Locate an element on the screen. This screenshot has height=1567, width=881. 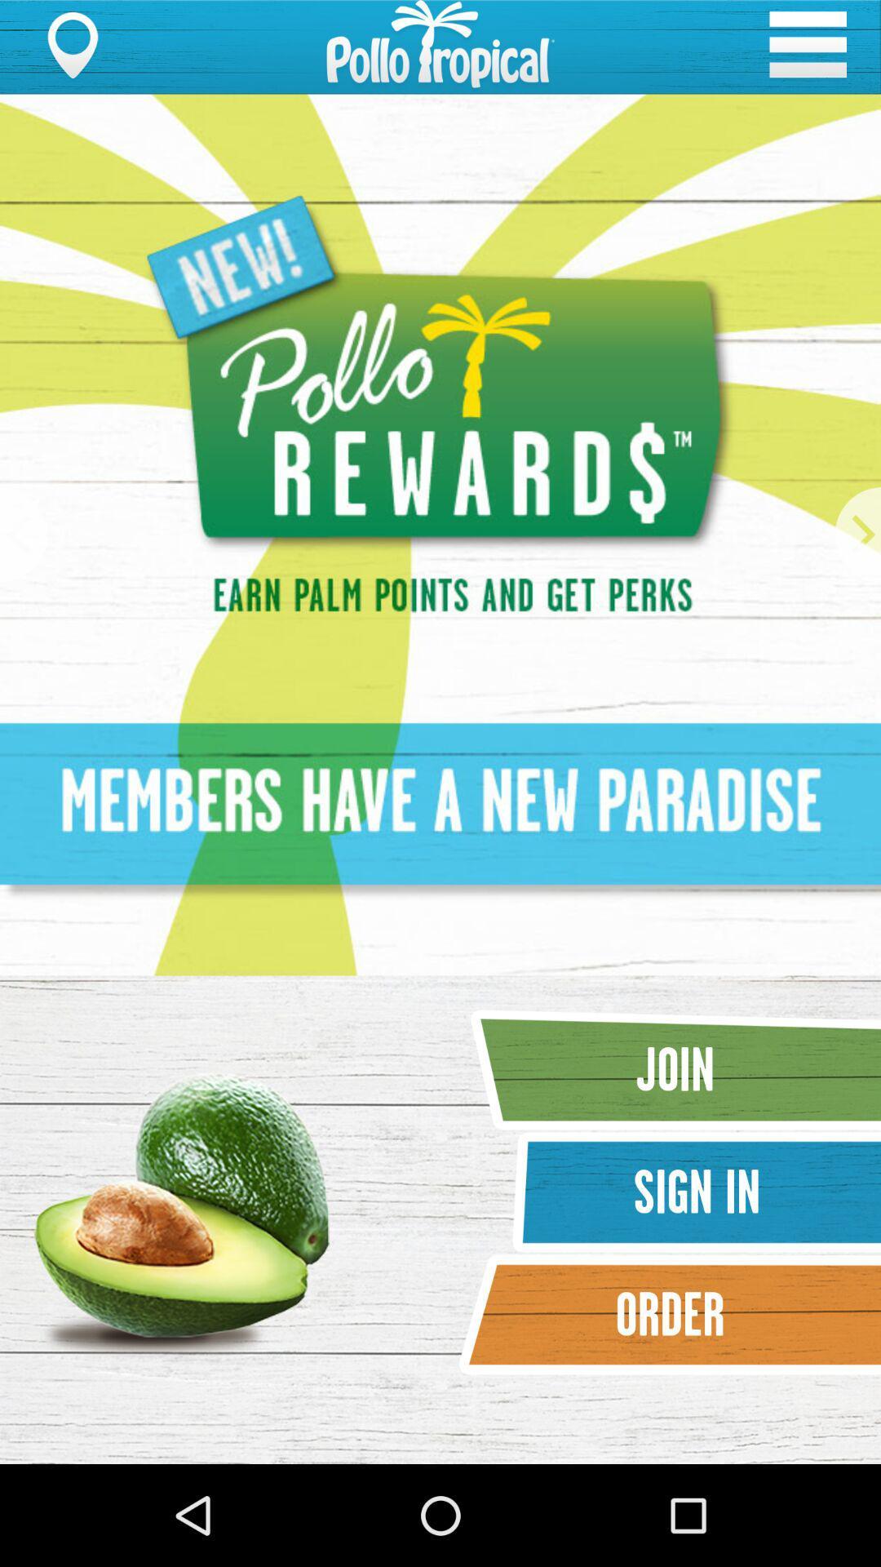
the location icon is located at coordinates (72, 47).